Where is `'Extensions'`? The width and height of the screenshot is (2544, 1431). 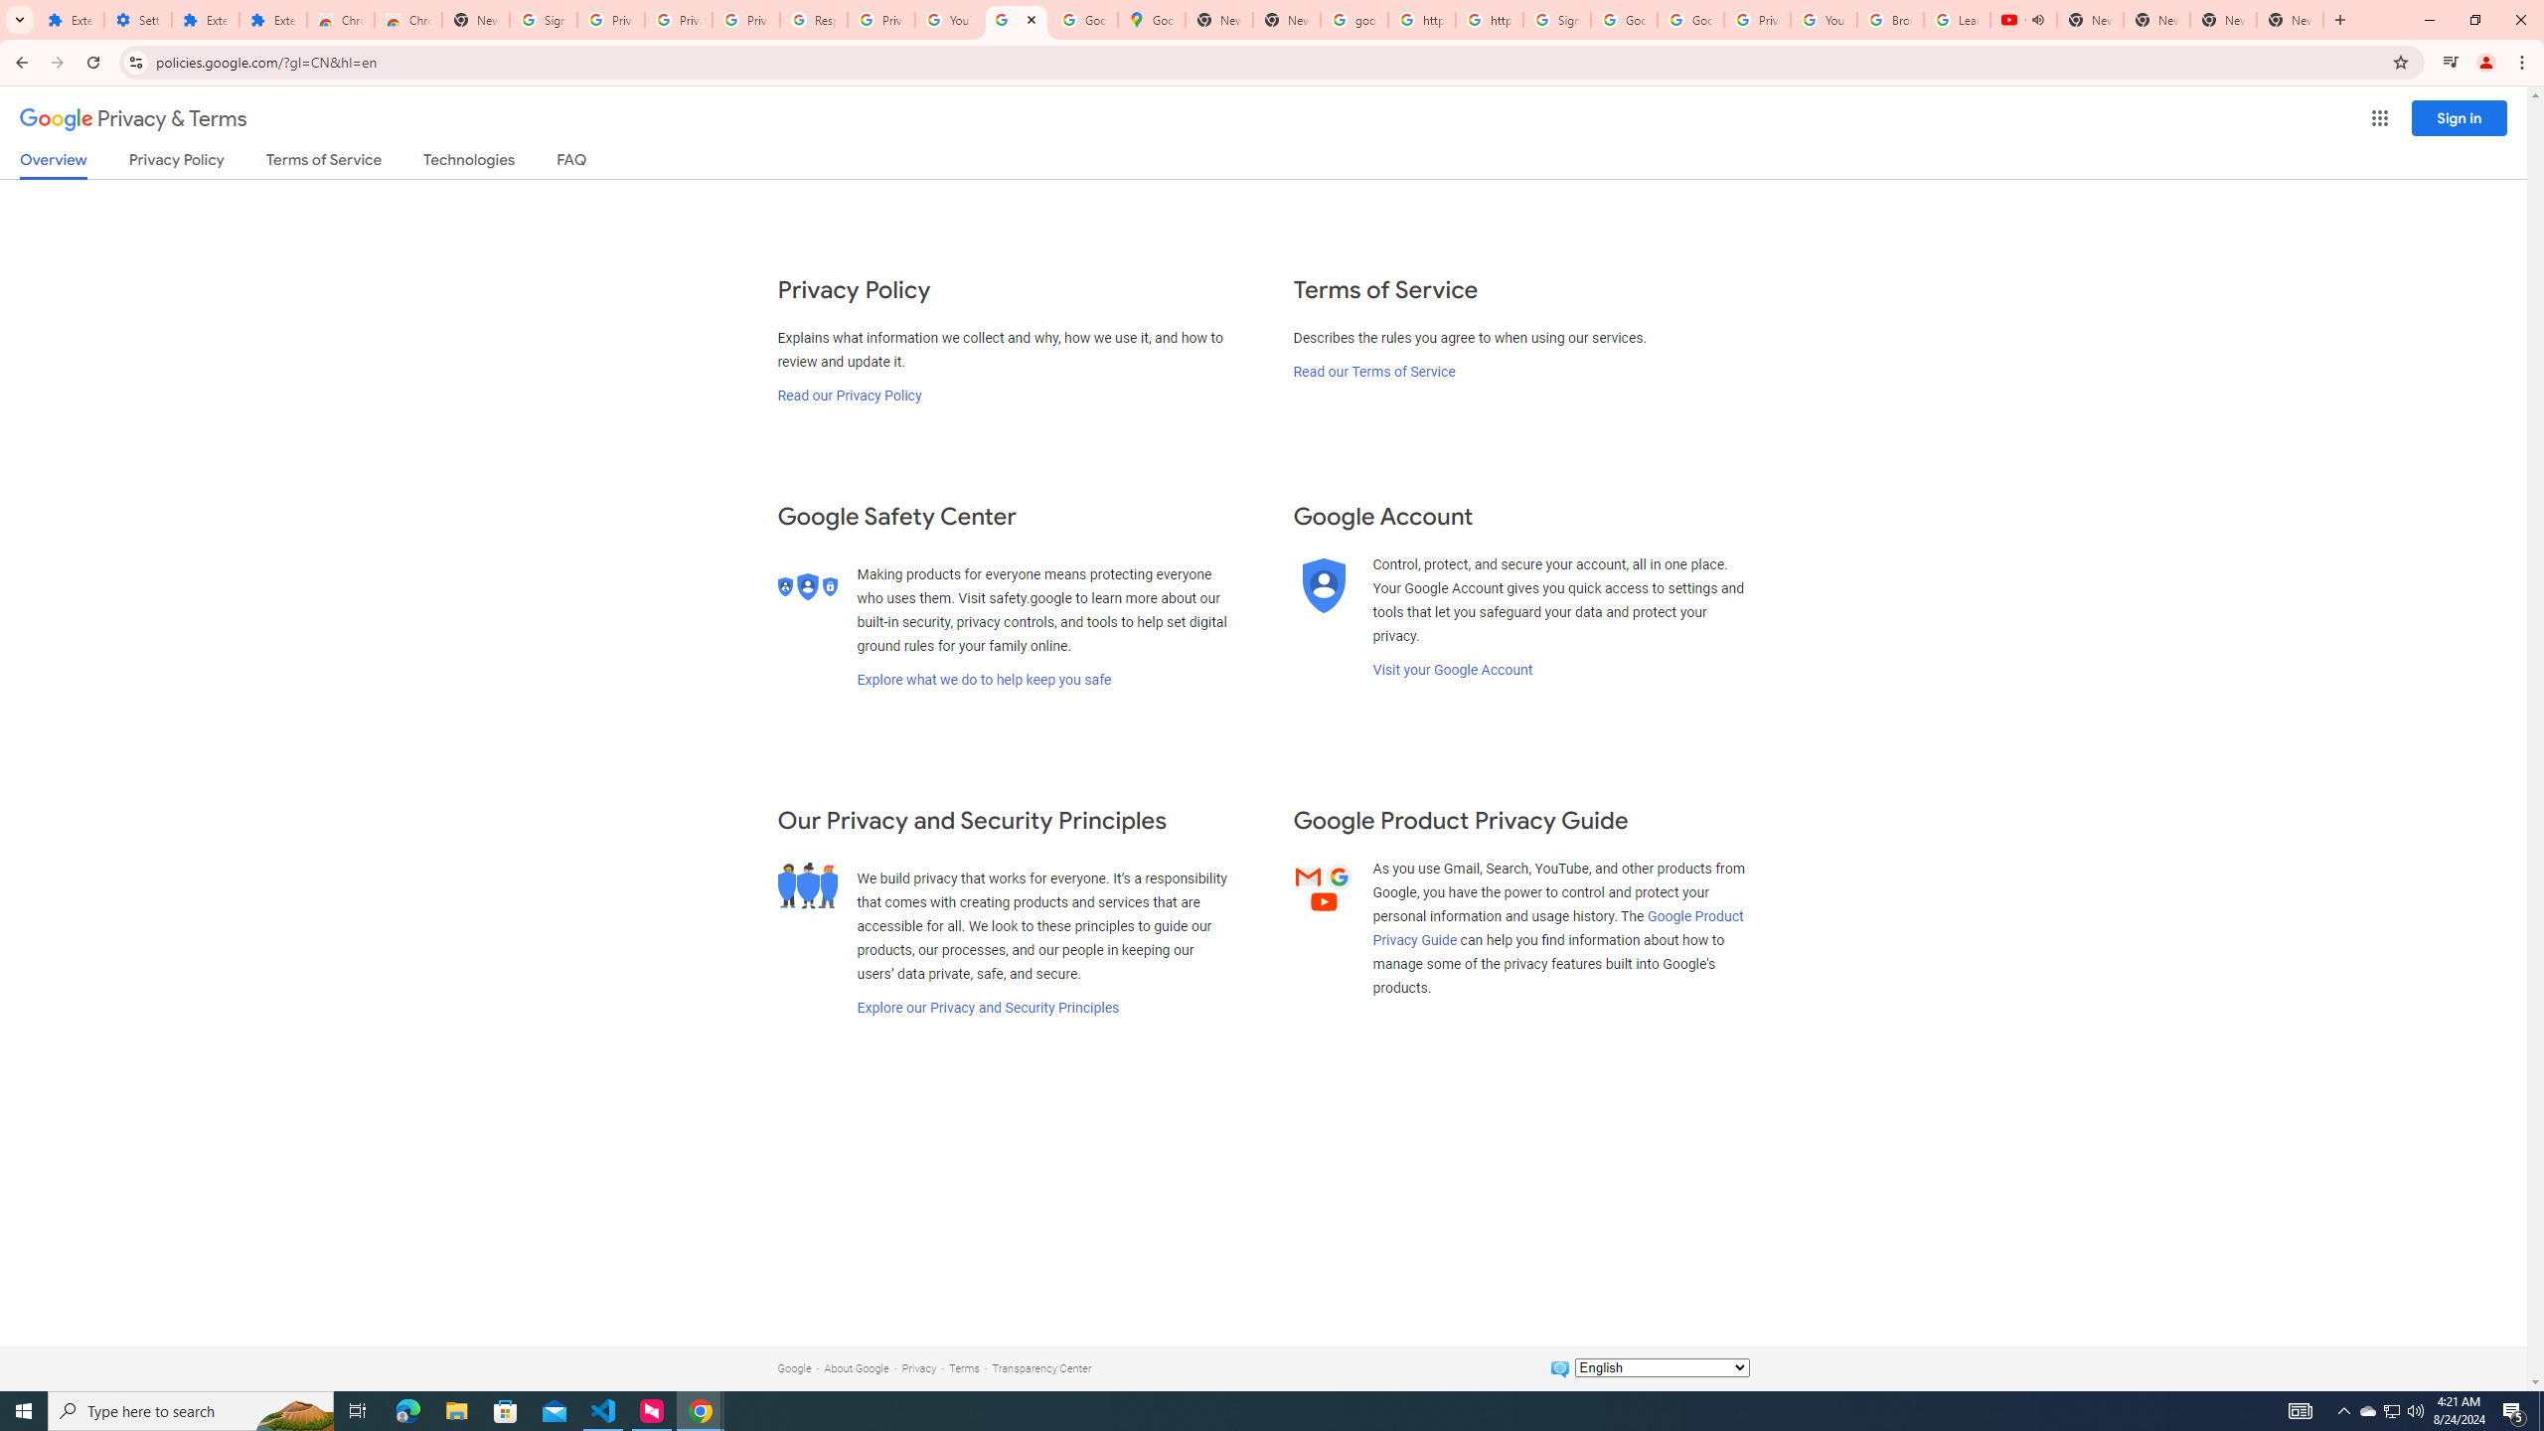
'Extensions' is located at coordinates (206, 19).